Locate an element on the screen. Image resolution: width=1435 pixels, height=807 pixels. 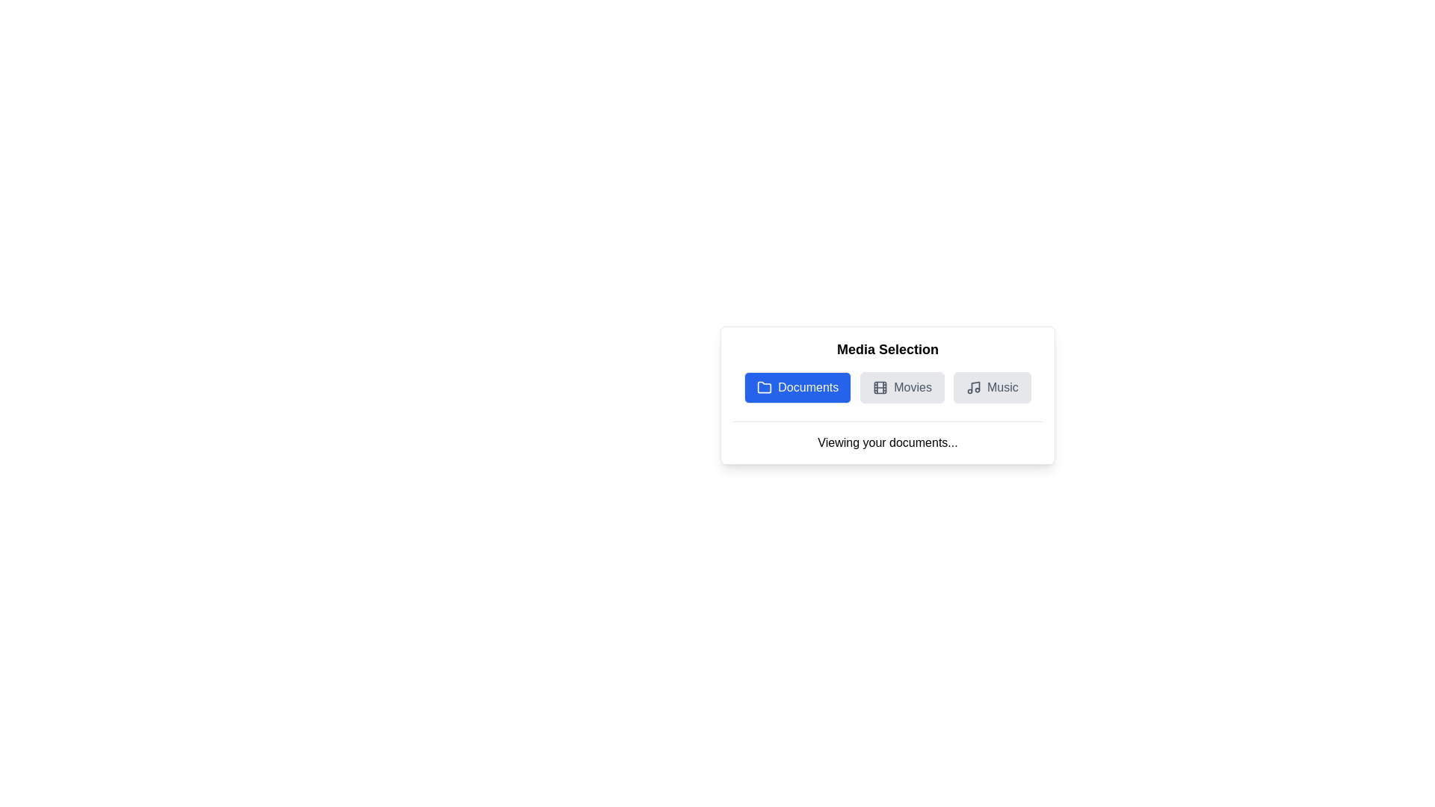
the 'Movies' text label within the selectable button is located at coordinates (912, 387).